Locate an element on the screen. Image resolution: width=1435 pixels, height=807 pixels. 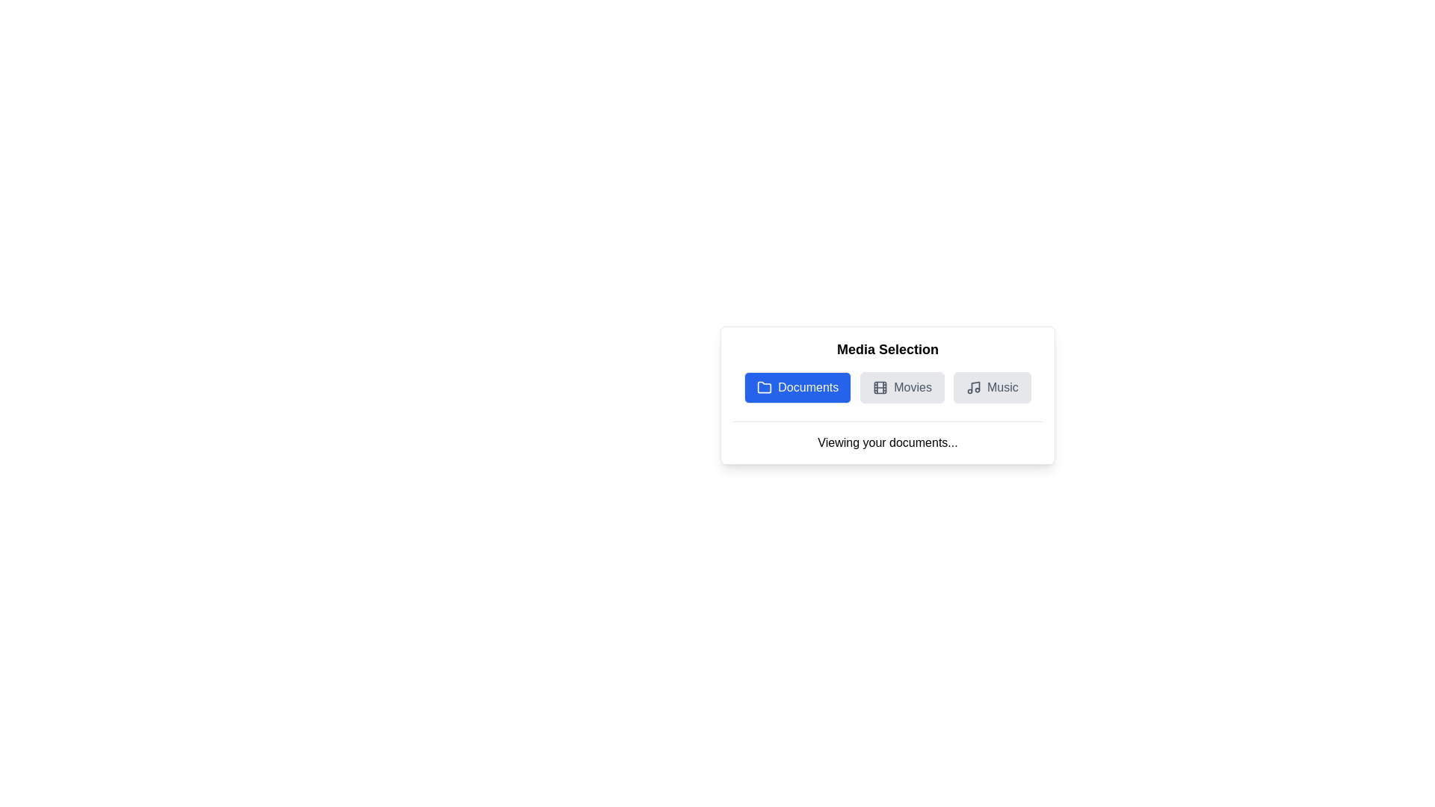
the 'Movies' text label within the selectable button is located at coordinates (912, 387).